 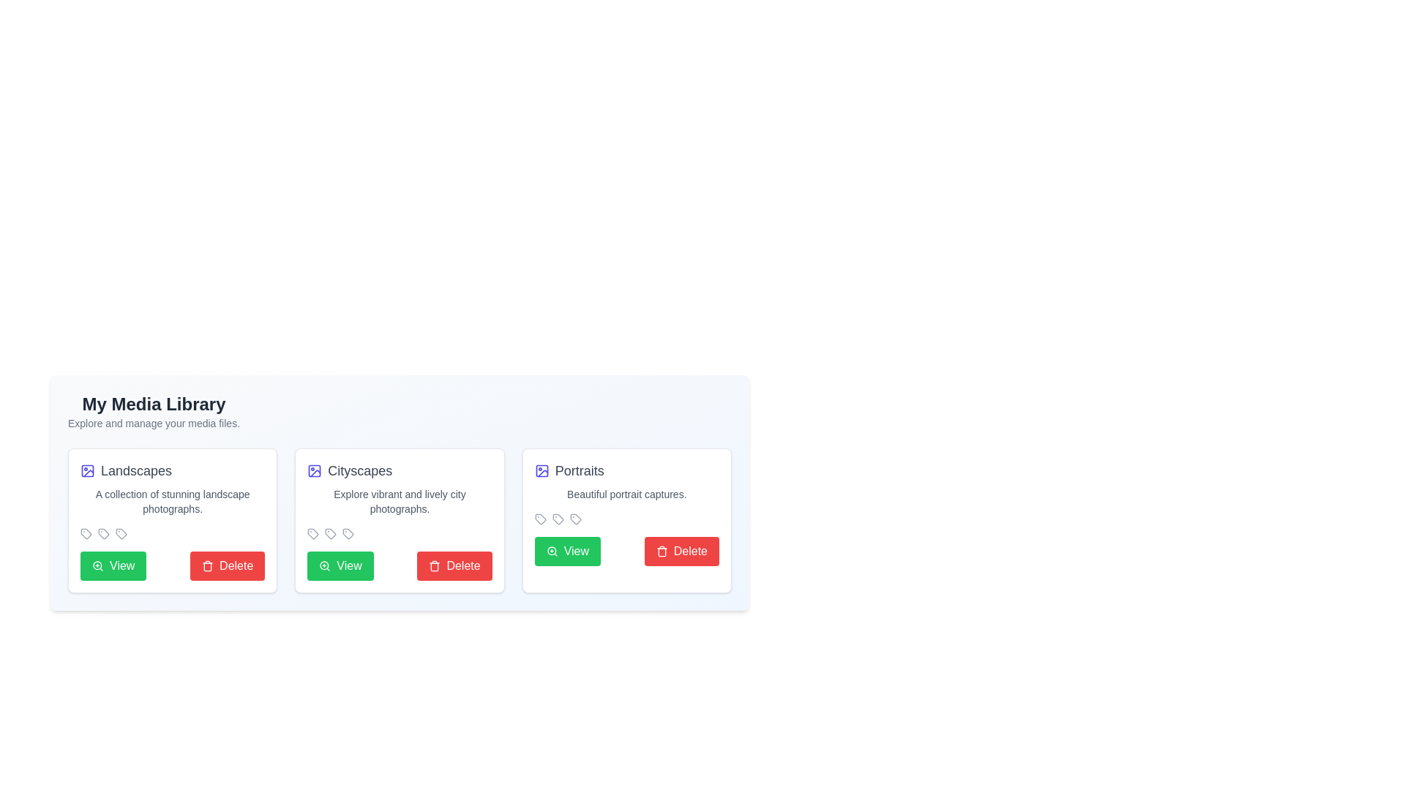 What do you see at coordinates (434, 566) in the screenshot?
I see `the decorative deletion icon located in the bottom-right corner of the 'Cityscapes' card, adjacent to the 'Delete' button` at bounding box center [434, 566].